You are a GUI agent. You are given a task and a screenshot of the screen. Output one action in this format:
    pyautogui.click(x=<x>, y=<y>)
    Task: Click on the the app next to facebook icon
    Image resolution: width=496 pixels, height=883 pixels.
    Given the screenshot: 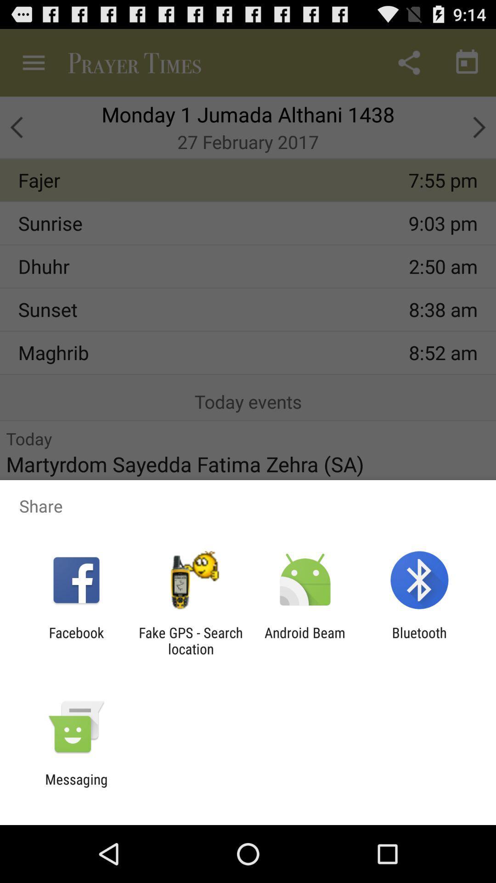 What is the action you would take?
    pyautogui.click(x=190, y=640)
    